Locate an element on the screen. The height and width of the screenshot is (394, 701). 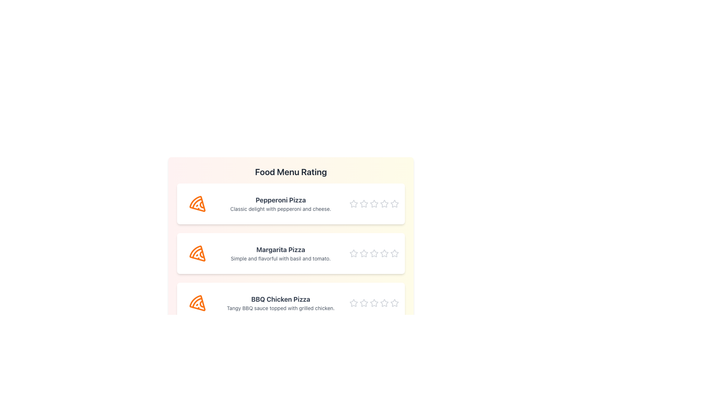
the fifth star icon in the five-star rating system is located at coordinates (394, 302).